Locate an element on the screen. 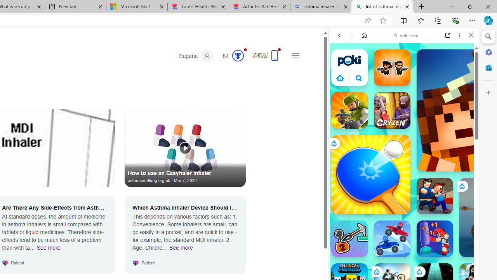  'Escape From School' is located at coordinates (435, 195).